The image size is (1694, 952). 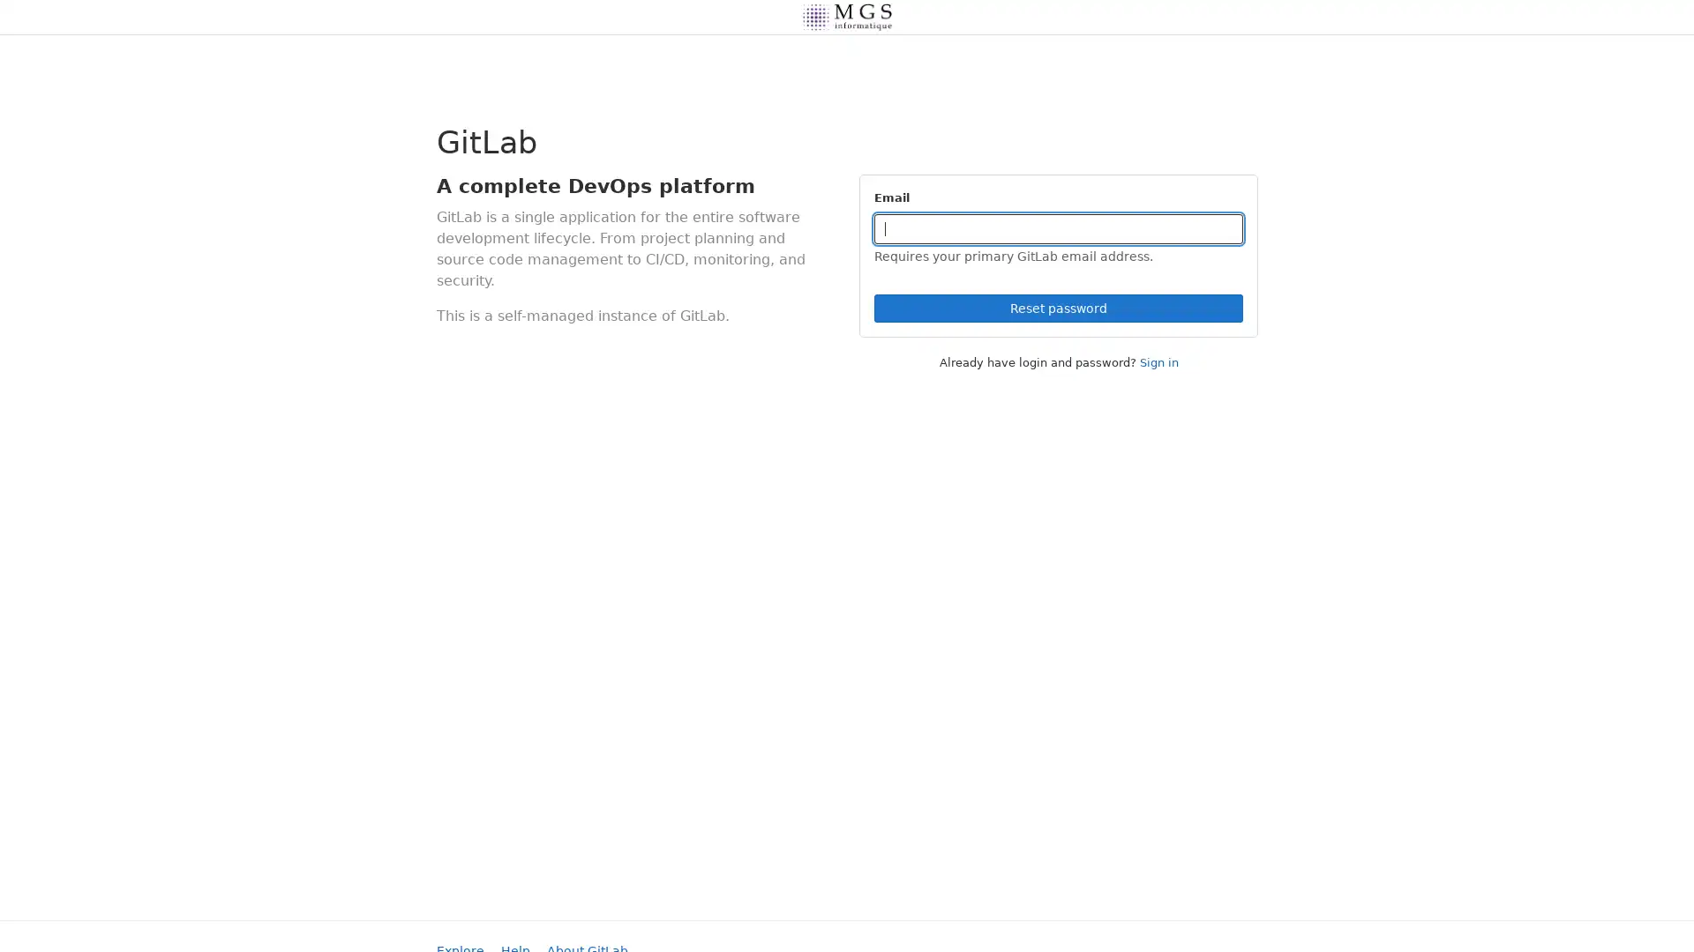 I want to click on Reset password, so click(x=1059, y=306).